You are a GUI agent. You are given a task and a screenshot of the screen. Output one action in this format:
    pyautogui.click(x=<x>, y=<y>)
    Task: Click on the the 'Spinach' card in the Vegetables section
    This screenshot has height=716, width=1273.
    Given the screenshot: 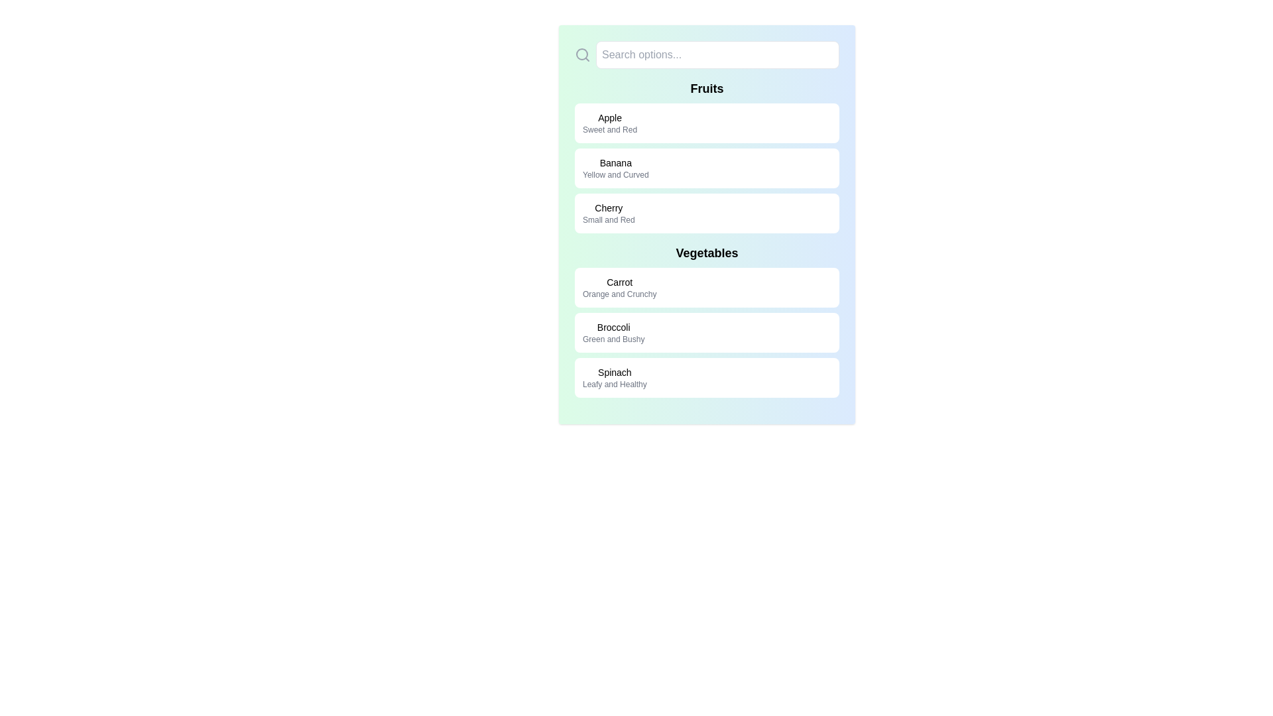 What is the action you would take?
    pyautogui.click(x=706, y=378)
    